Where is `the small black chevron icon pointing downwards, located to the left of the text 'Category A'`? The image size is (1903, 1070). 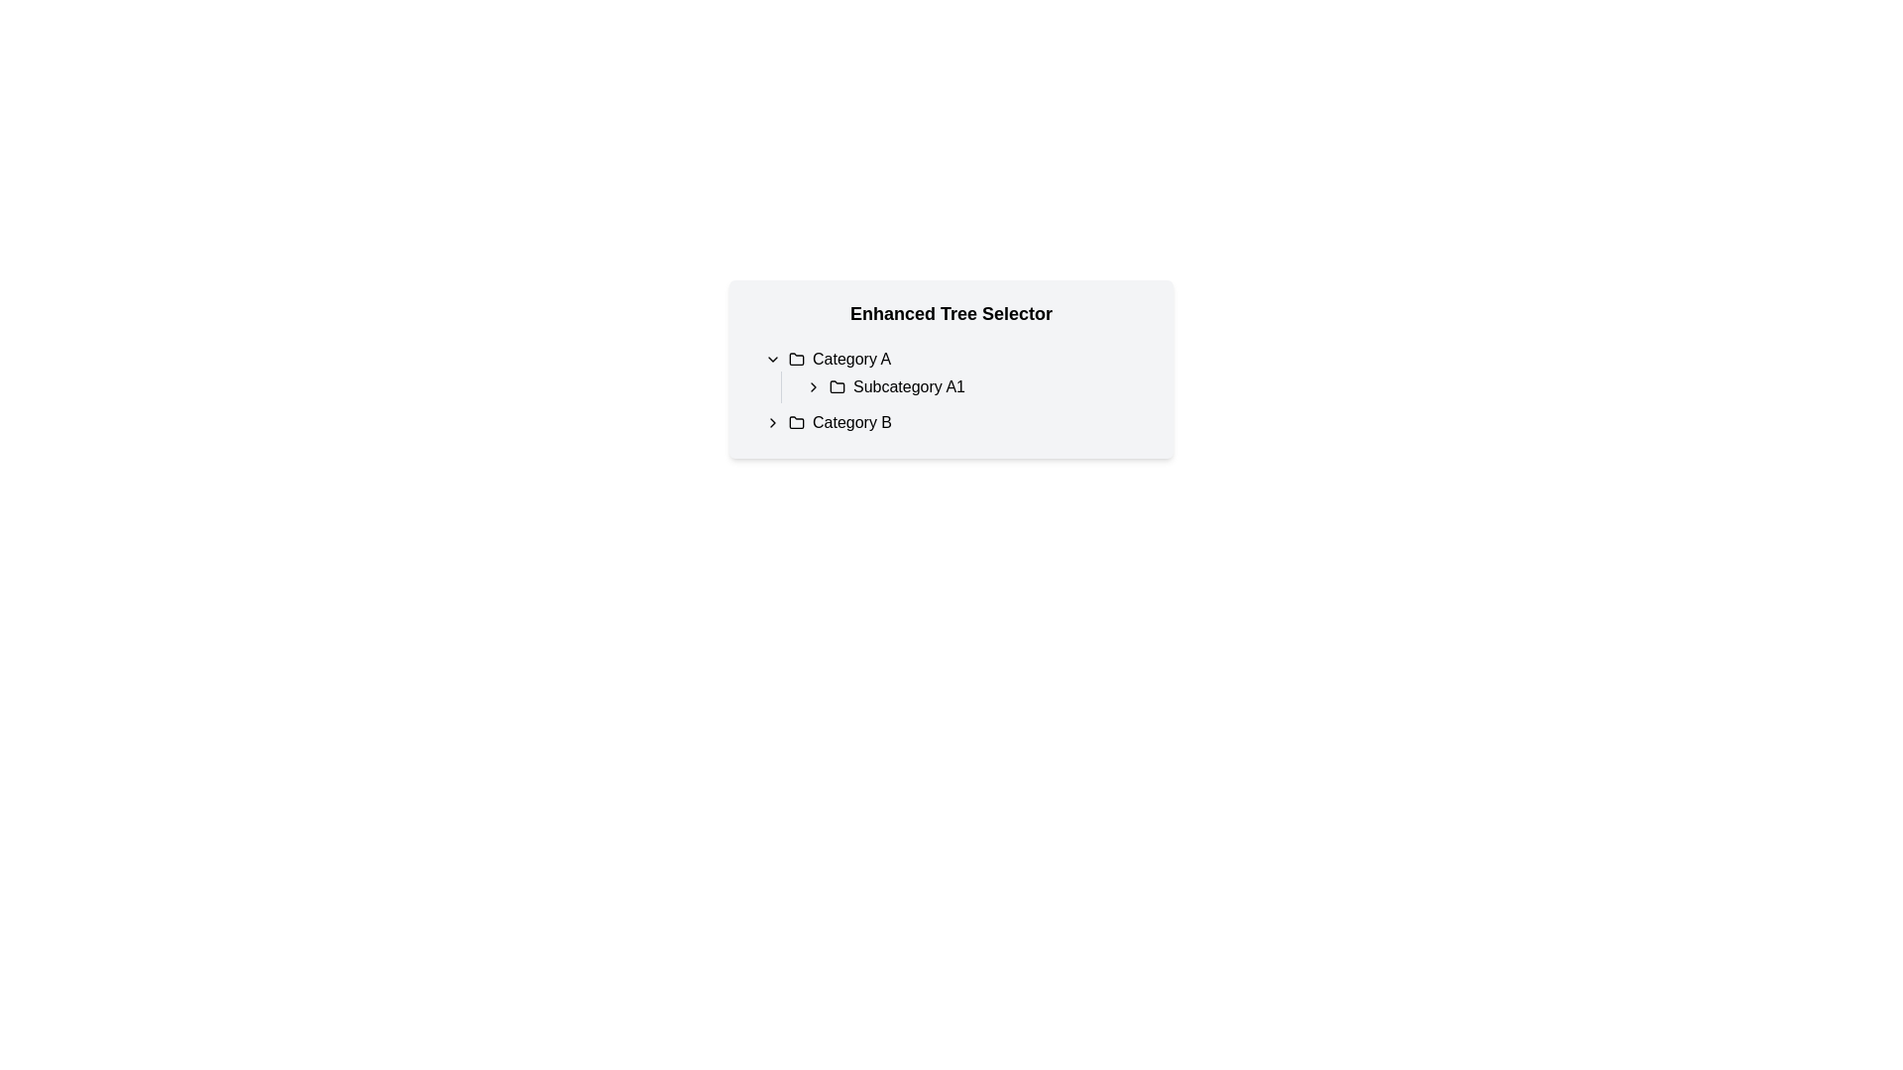
the small black chevron icon pointing downwards, located to the left of the text 'Category A' is located at coordinates (771, 359).